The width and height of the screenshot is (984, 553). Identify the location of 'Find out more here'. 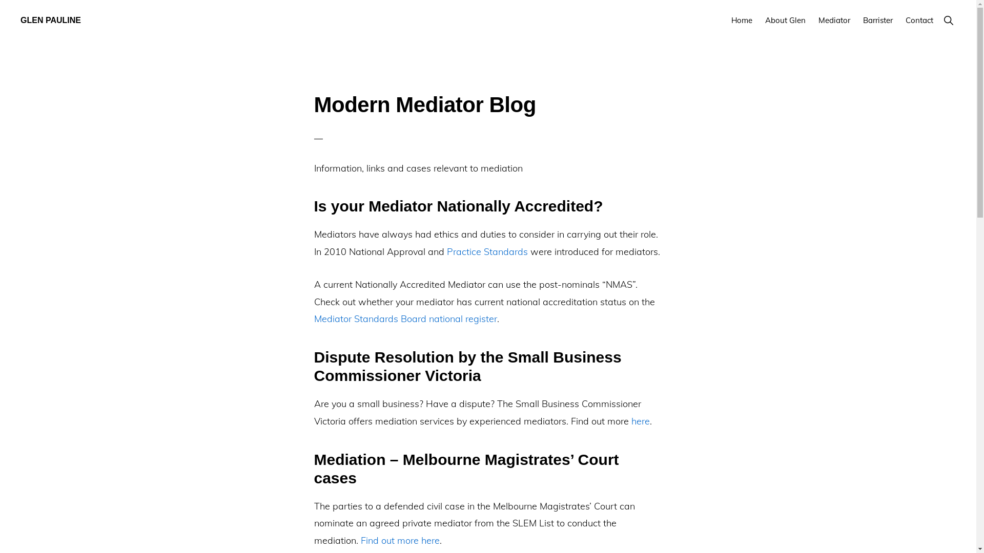
(400, 540).